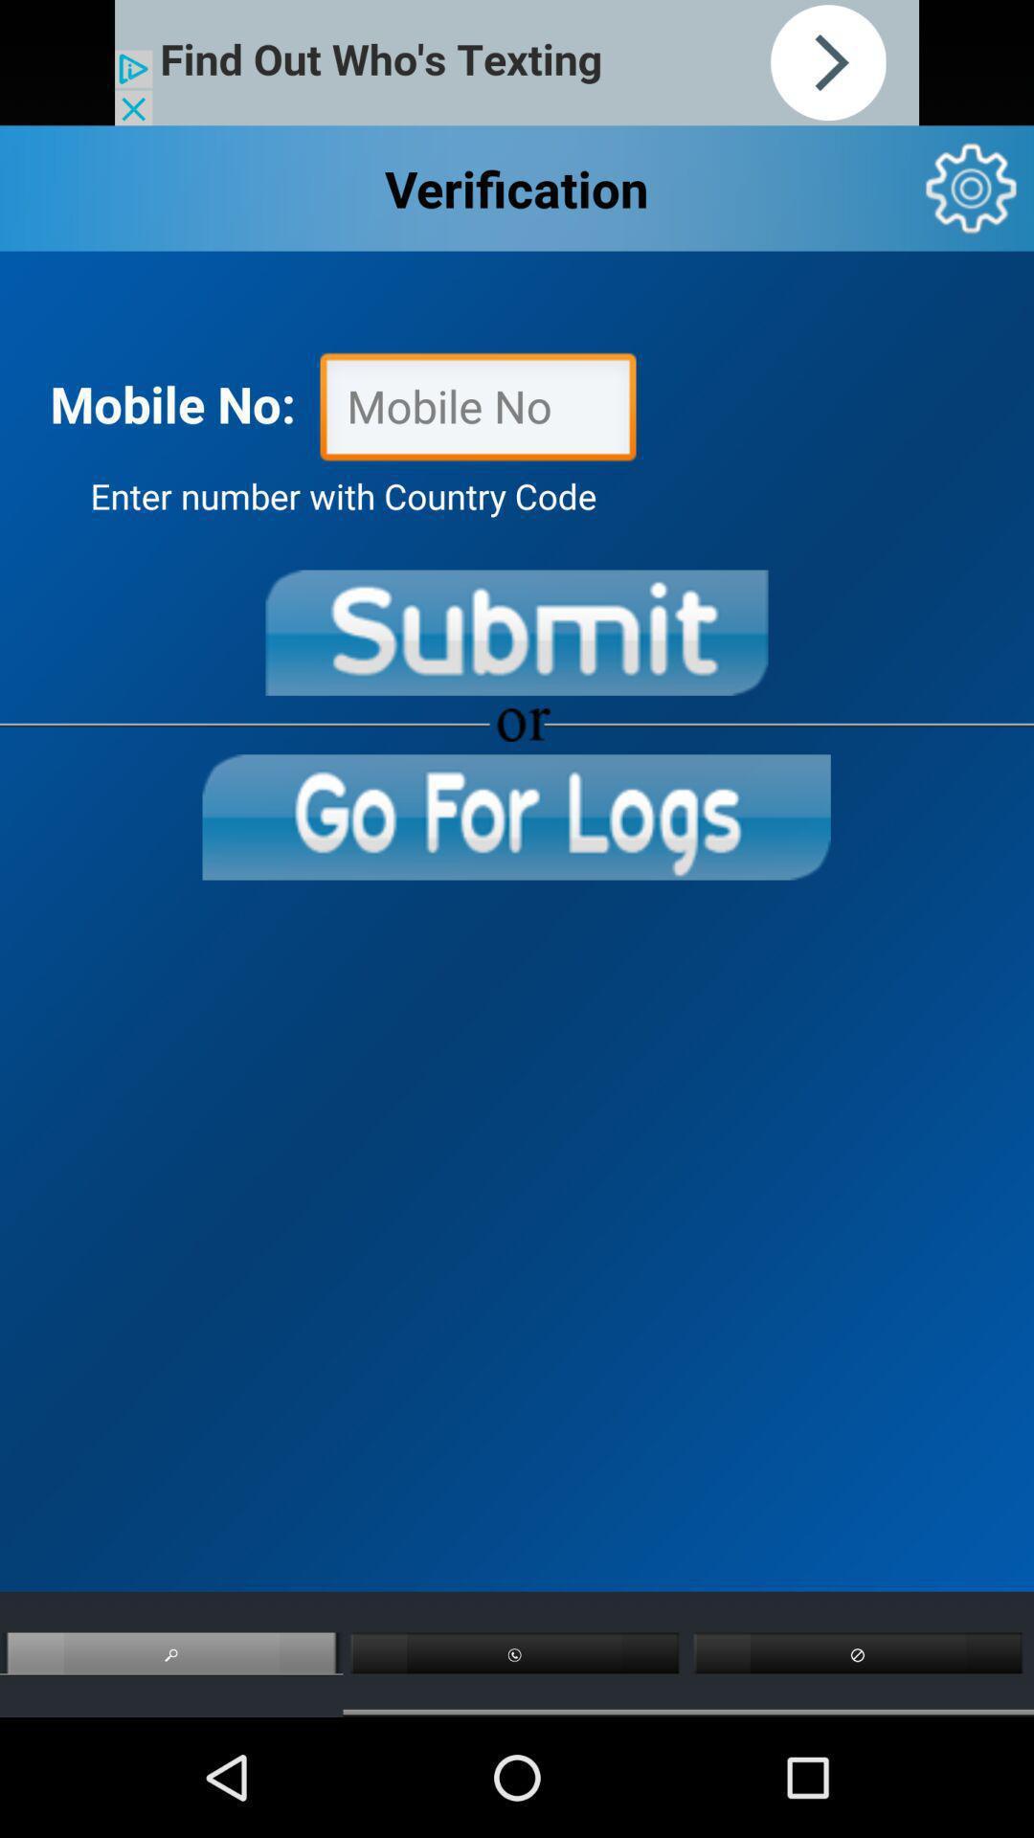 Image resolution: width=1034 pixels, height=1838 pixels. I want to click on open page, so click(515, 817).